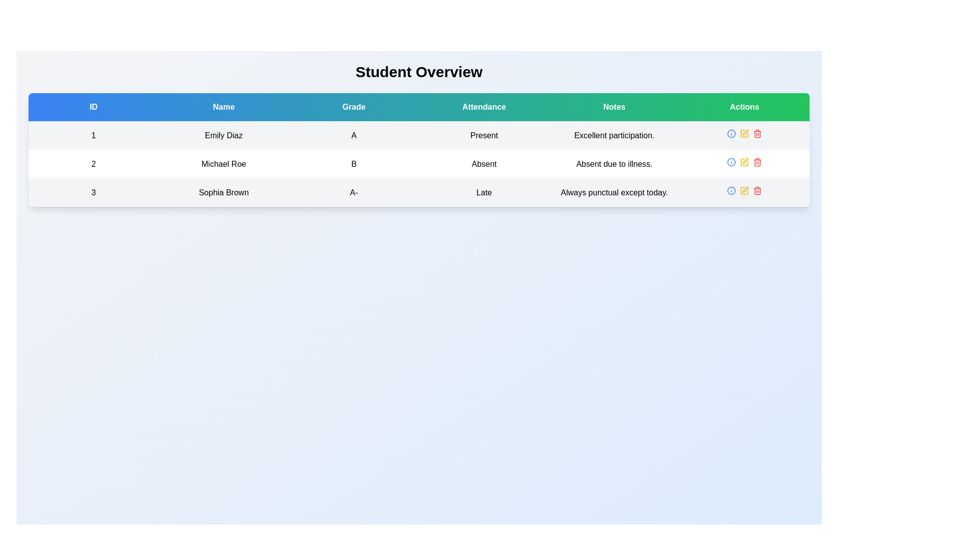 Image resolution: width=962 pixels, height=541 pixels. Describe the element at coordinates (758, 134) in the screenshot. I see `the trash bin delete icon located under the 'Actions' column in the last row of the table` at that location.